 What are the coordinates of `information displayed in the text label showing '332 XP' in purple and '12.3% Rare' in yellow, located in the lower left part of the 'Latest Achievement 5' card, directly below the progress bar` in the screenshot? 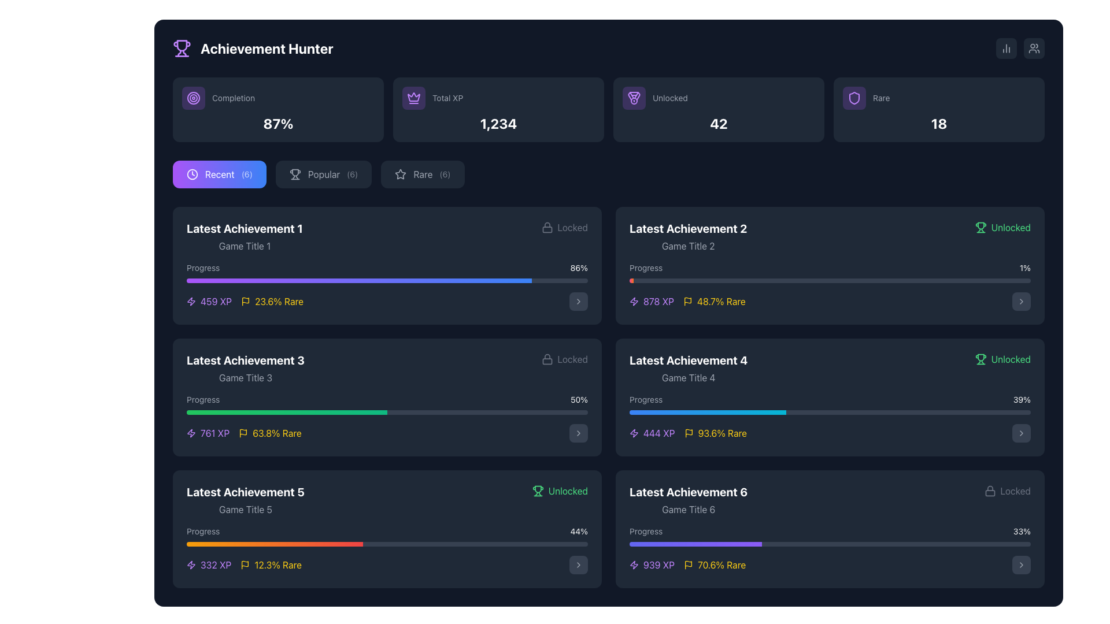 It's located at (243, 564).